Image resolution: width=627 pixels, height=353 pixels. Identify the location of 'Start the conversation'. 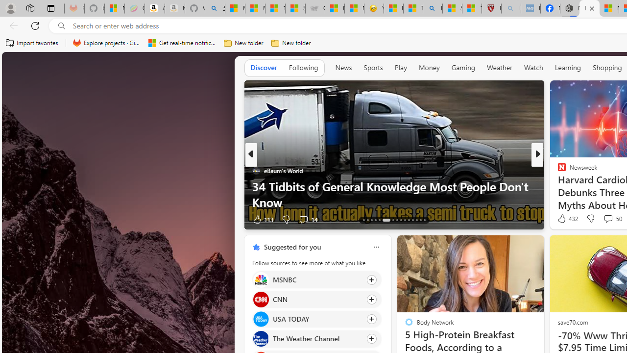
(598, 219).